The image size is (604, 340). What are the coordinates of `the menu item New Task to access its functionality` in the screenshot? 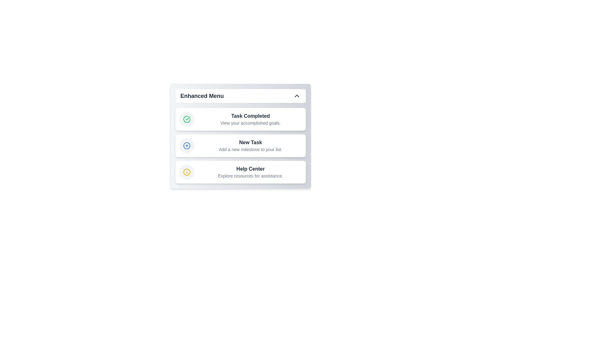 It's located at (240, 145).